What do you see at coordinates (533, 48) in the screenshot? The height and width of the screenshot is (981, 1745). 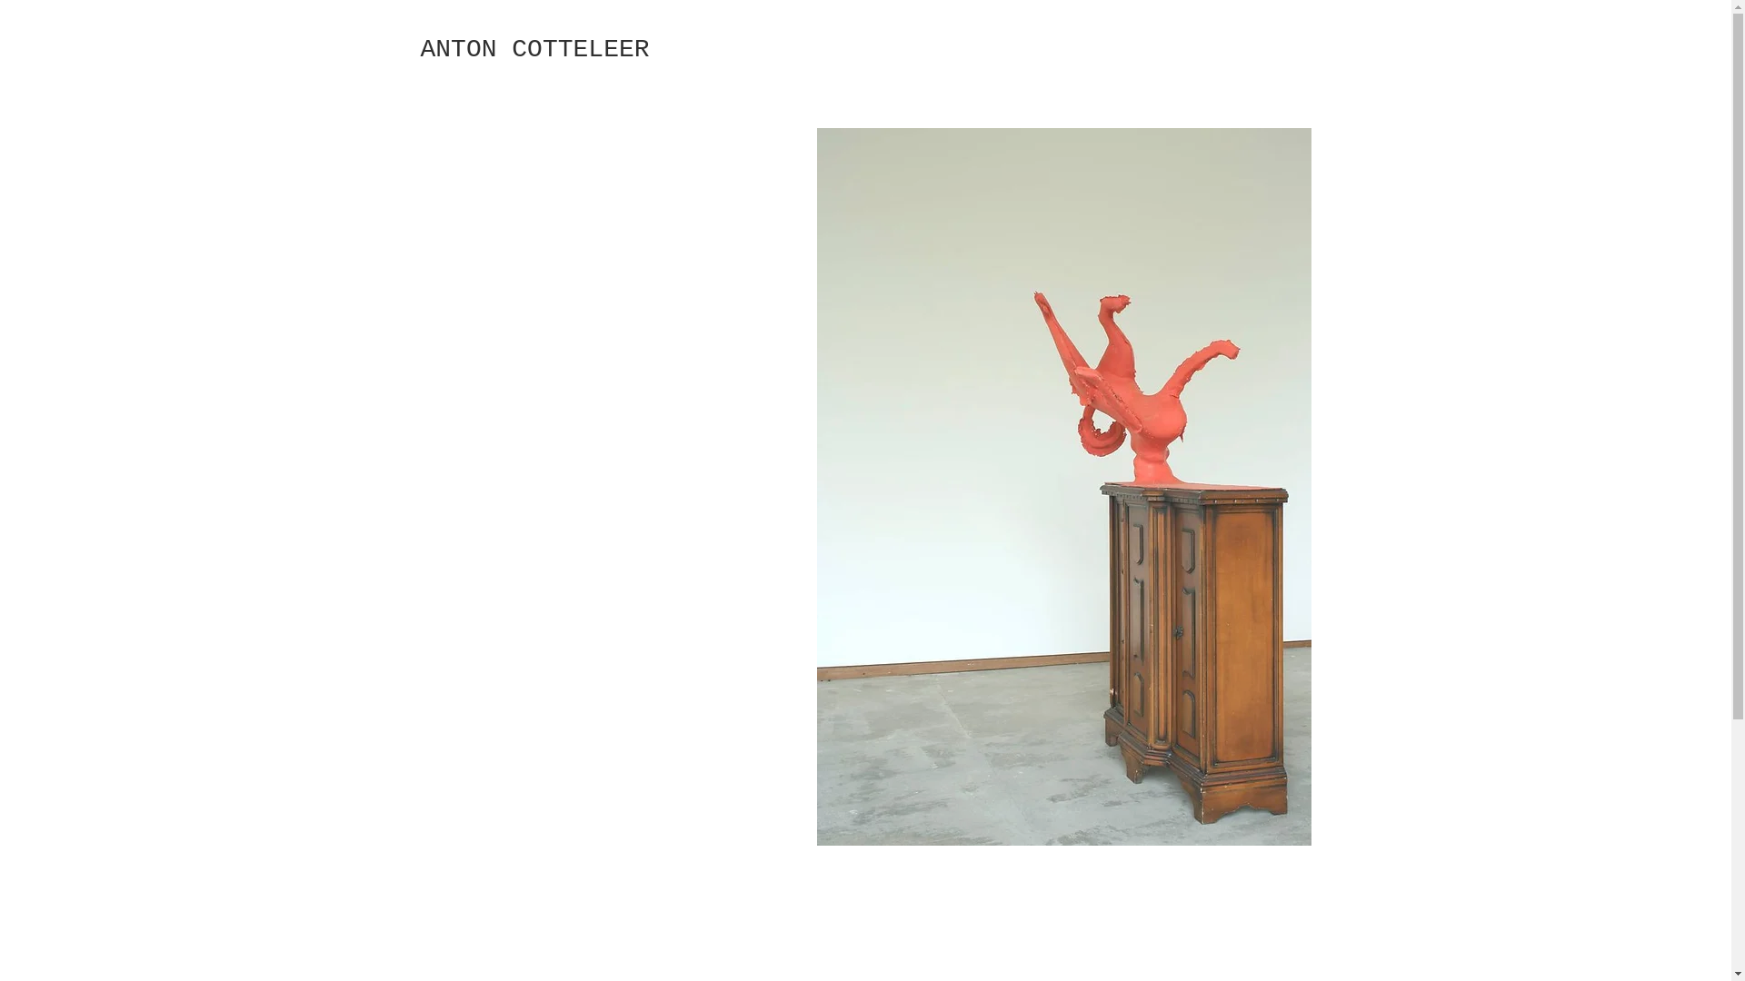 I see `'ANTON COTTELEER'` at bounding box center [533, 48].